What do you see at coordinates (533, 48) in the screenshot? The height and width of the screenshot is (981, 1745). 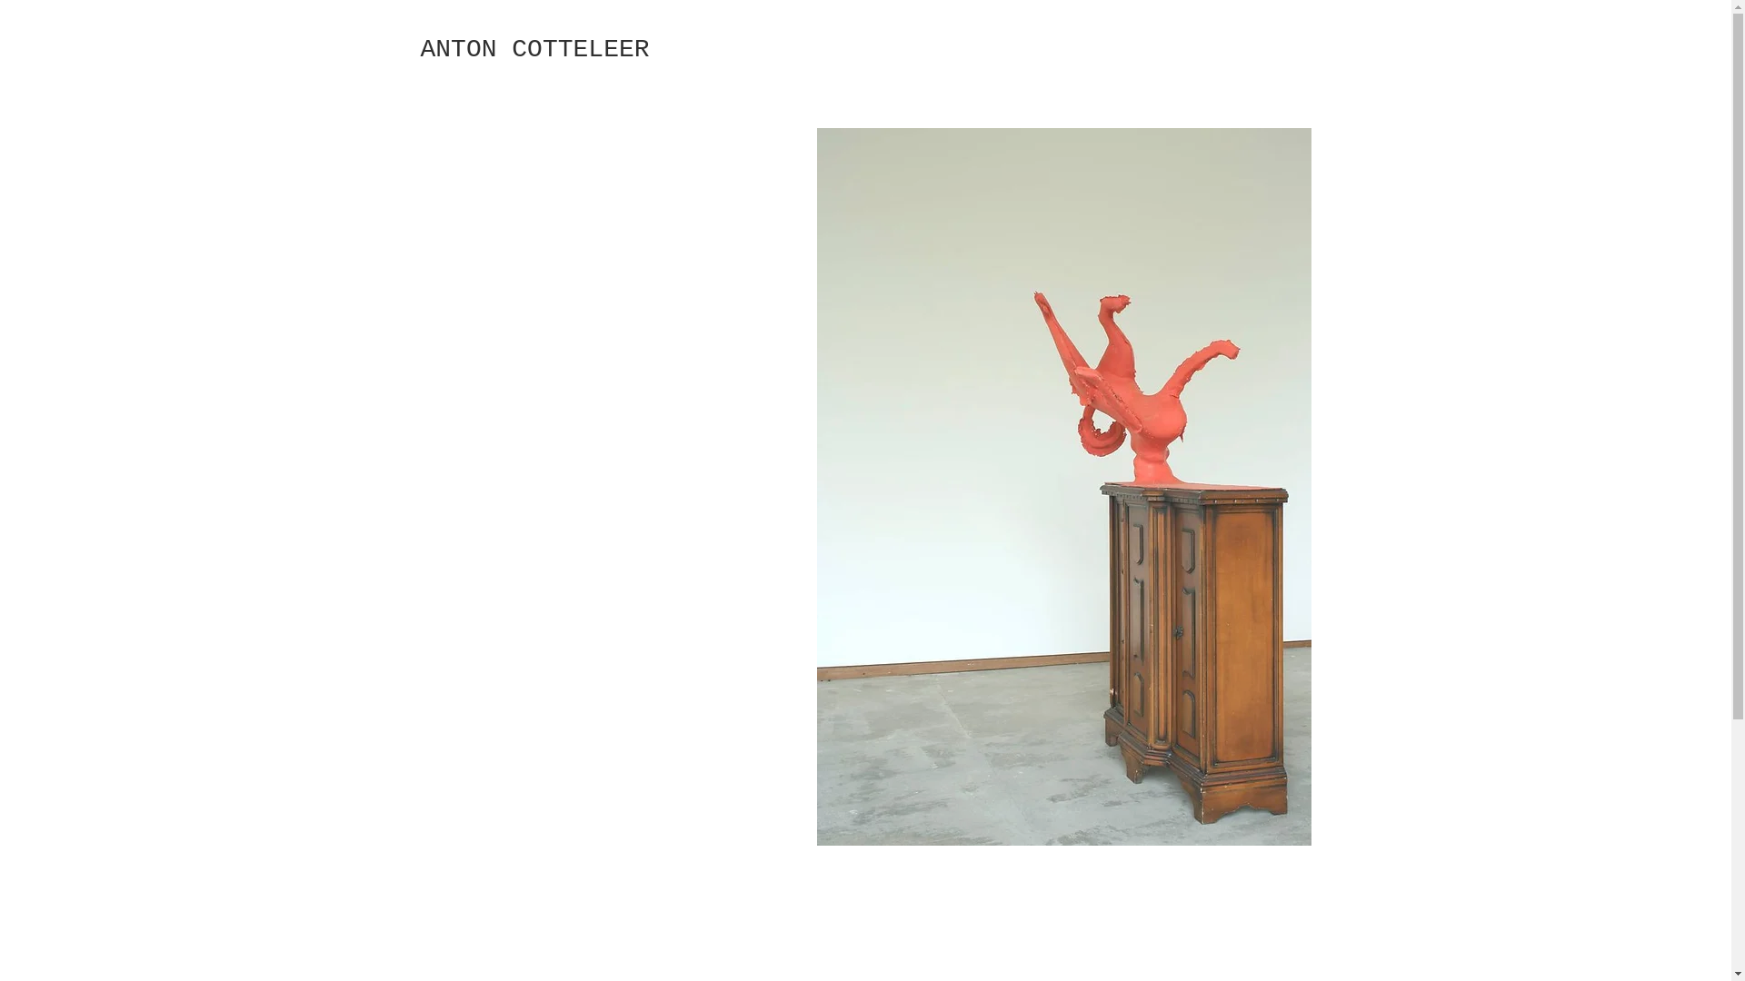 I see `'ANTON COTTELEER'` at bounding box center [533, 48].